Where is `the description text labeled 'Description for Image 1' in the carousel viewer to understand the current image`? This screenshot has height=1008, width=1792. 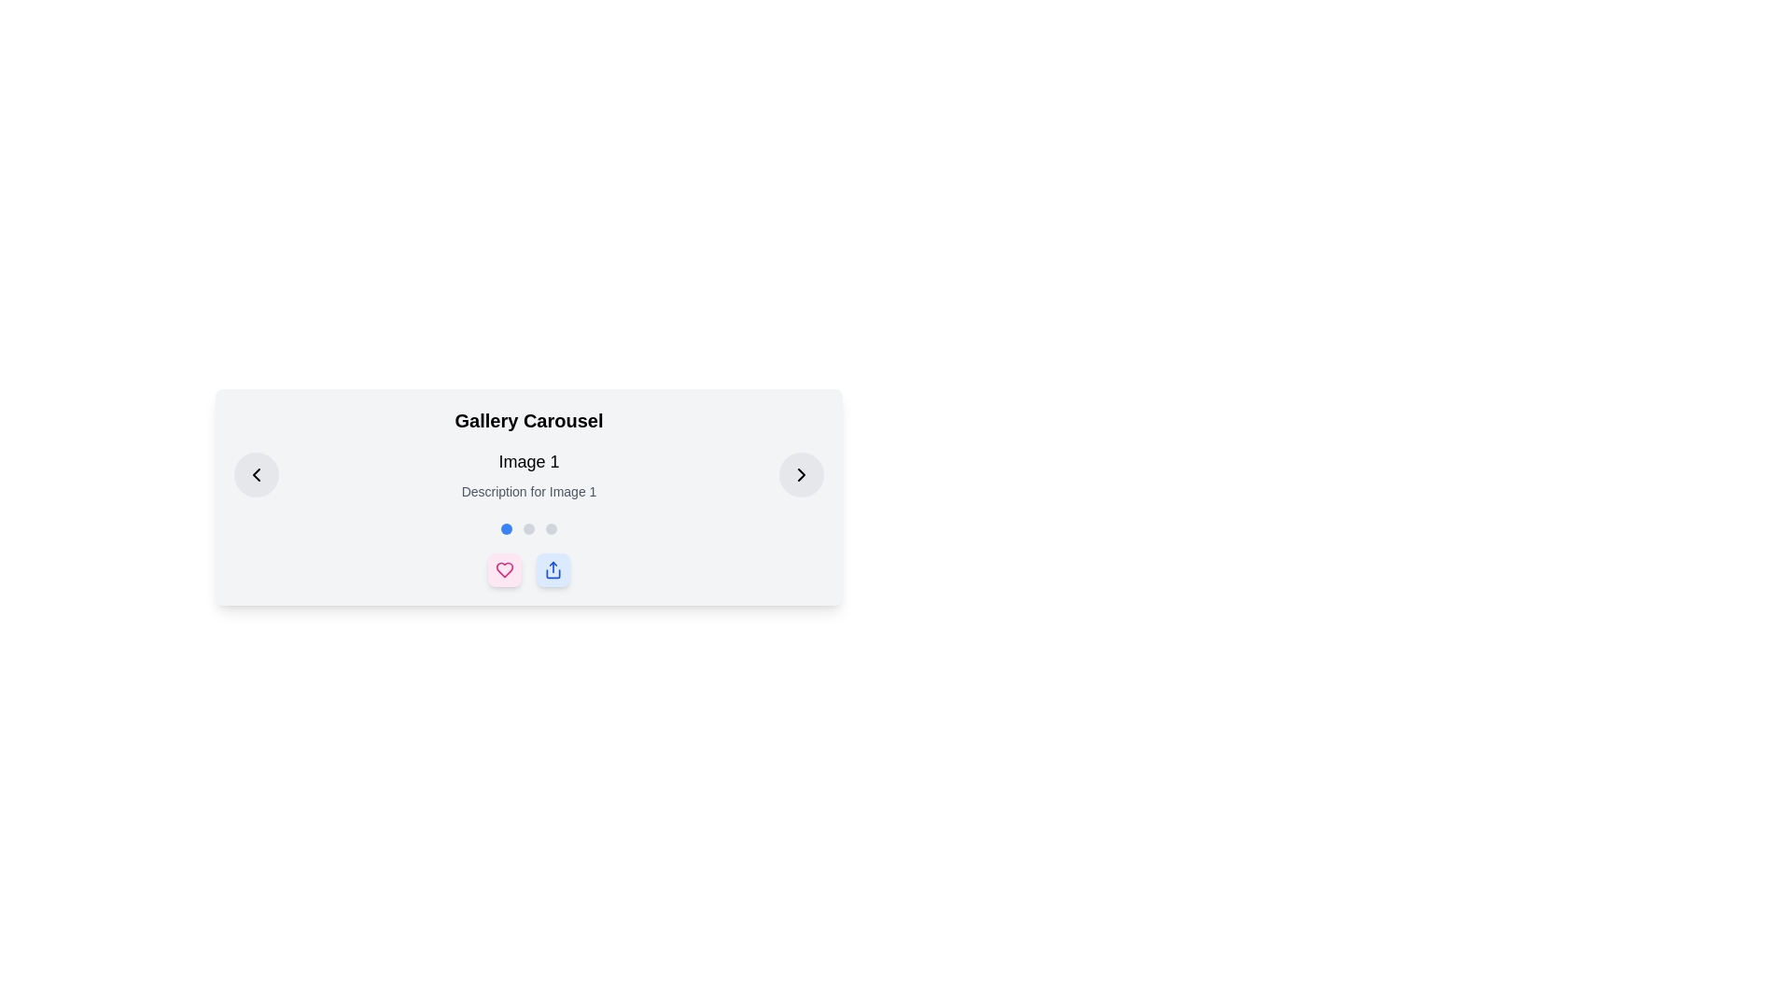 the description text labeled 'Description for Image 1' in the carousel viewer to understand the current image is located at coordinates (527, 474).